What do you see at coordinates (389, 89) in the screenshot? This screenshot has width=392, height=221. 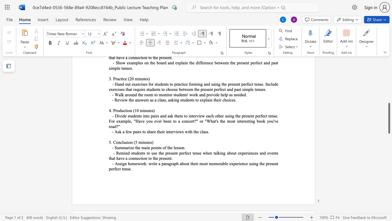 I see `the right-hand scrollbar to ascend the page` at bounding box center [389, 89].